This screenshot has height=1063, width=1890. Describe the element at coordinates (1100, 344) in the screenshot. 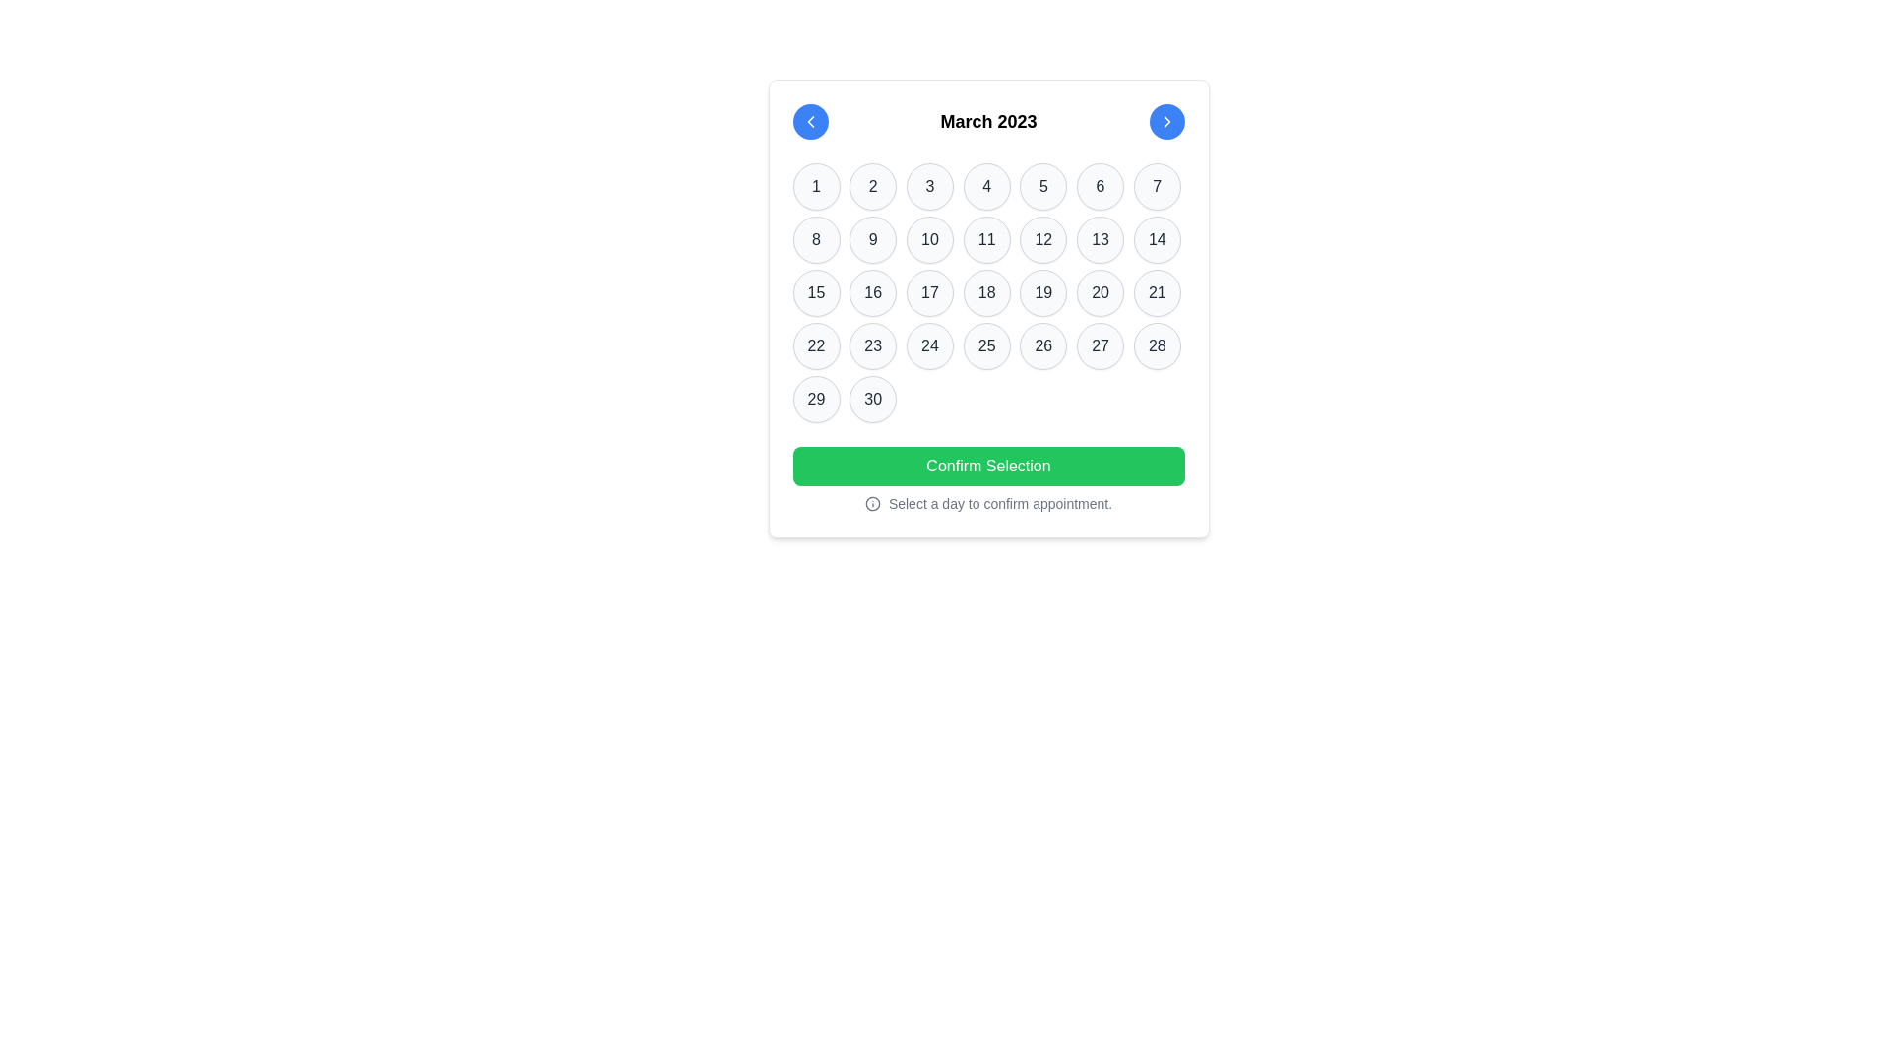

I see `the circular button labeled '27', which is located in the fourth row and sixth column of the calendar grid layout` at that location.